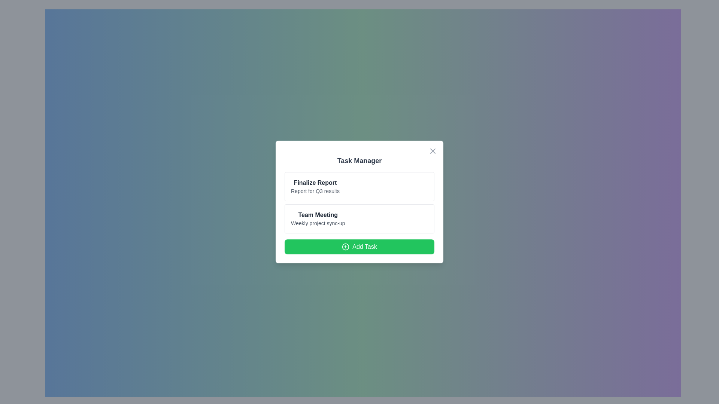 The width and height of the screenshot is (719, 404). I want to click on text content of the Text label displaying 'Team Meeting' and 'Weekly project sync-up', which is the second task item in the task management interface located within a white, rounded rectangular section, so click(318, 219).